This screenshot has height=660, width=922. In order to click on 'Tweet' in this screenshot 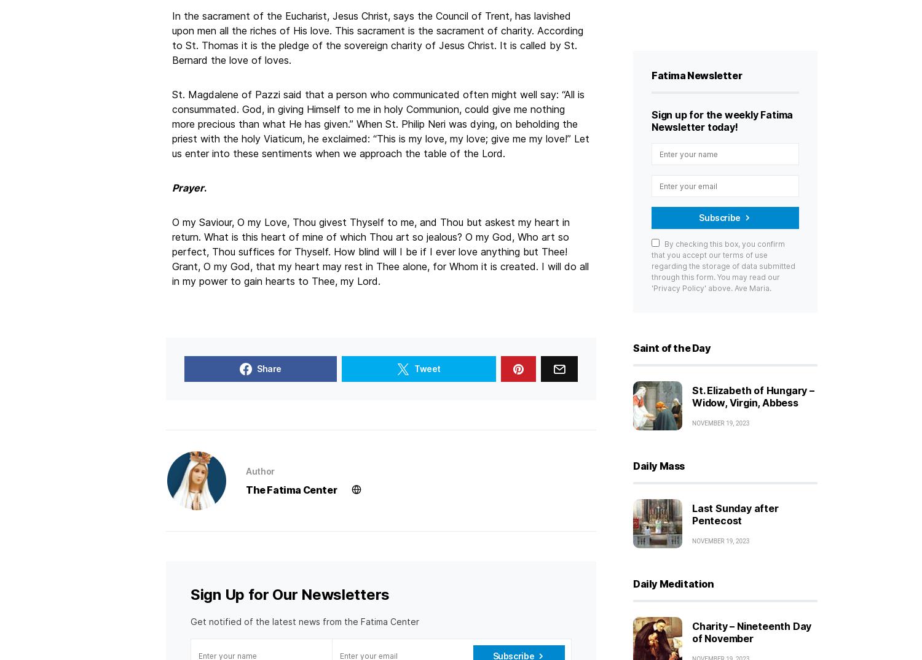, I will do `click(426, 368)`.